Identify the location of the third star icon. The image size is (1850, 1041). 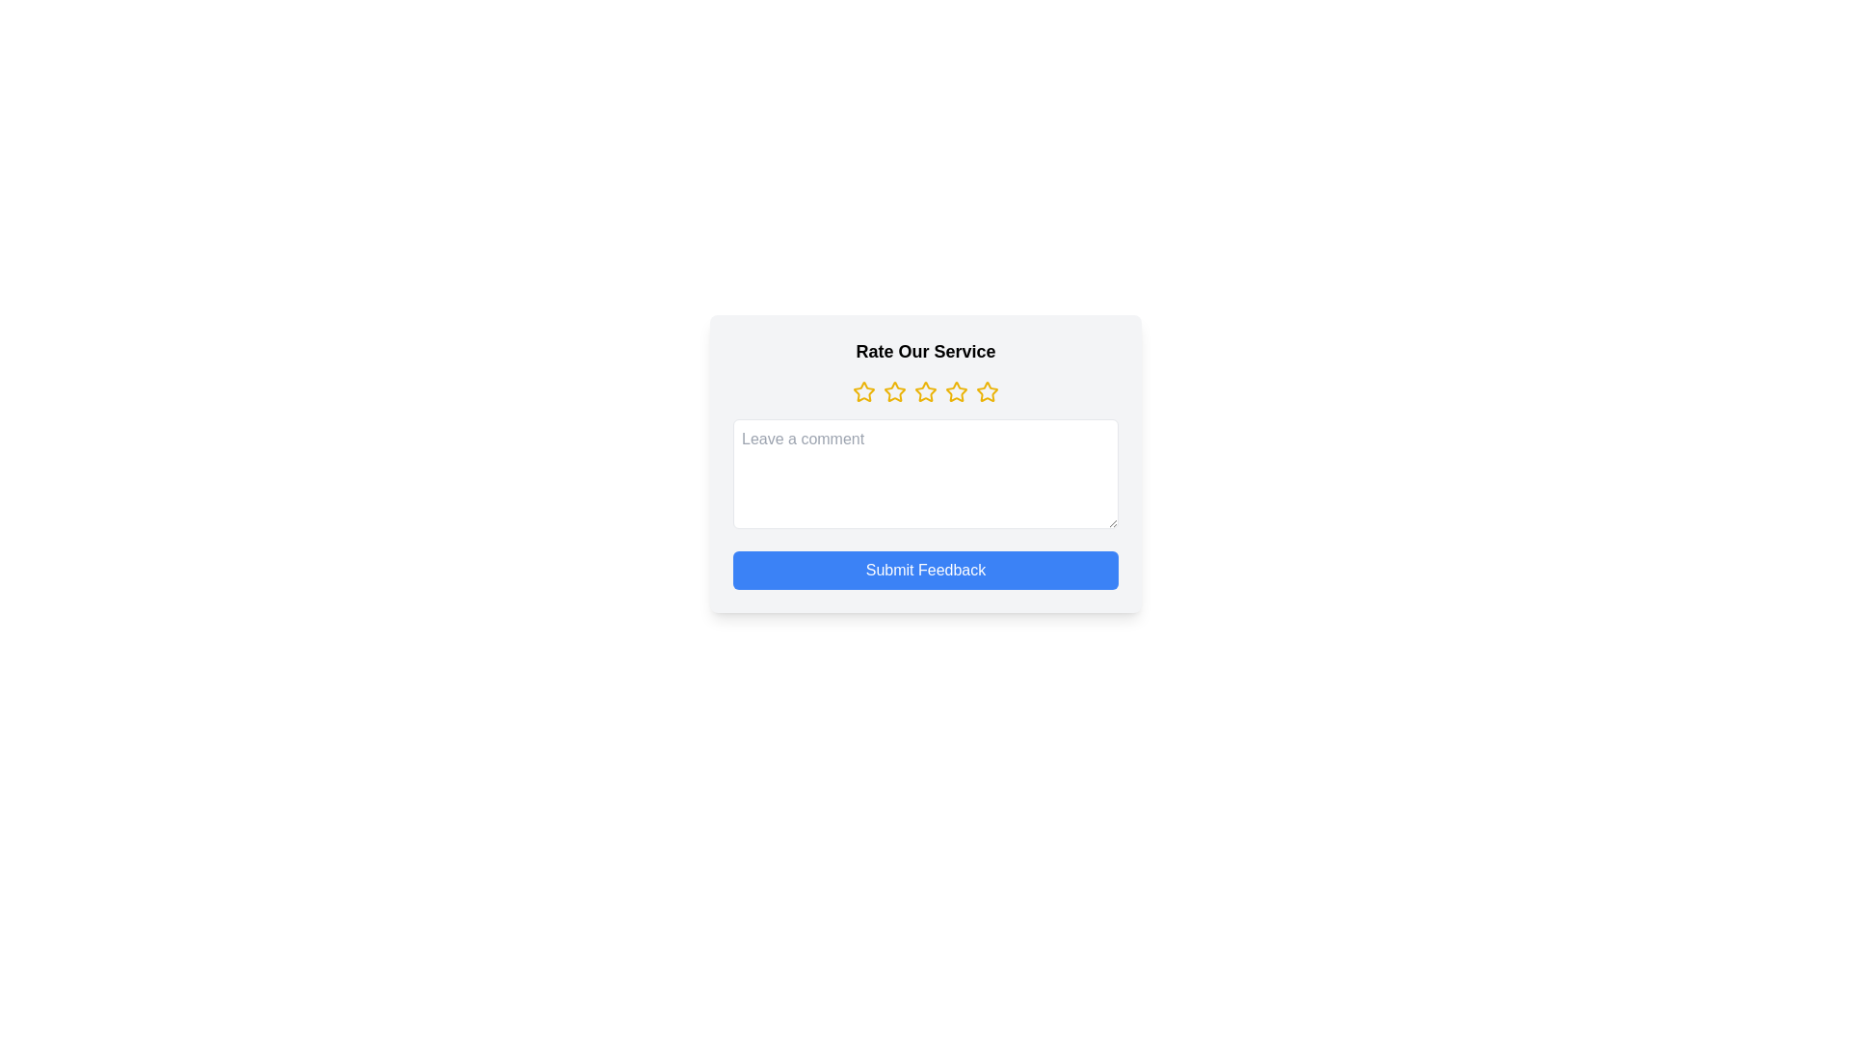
(925, 390).